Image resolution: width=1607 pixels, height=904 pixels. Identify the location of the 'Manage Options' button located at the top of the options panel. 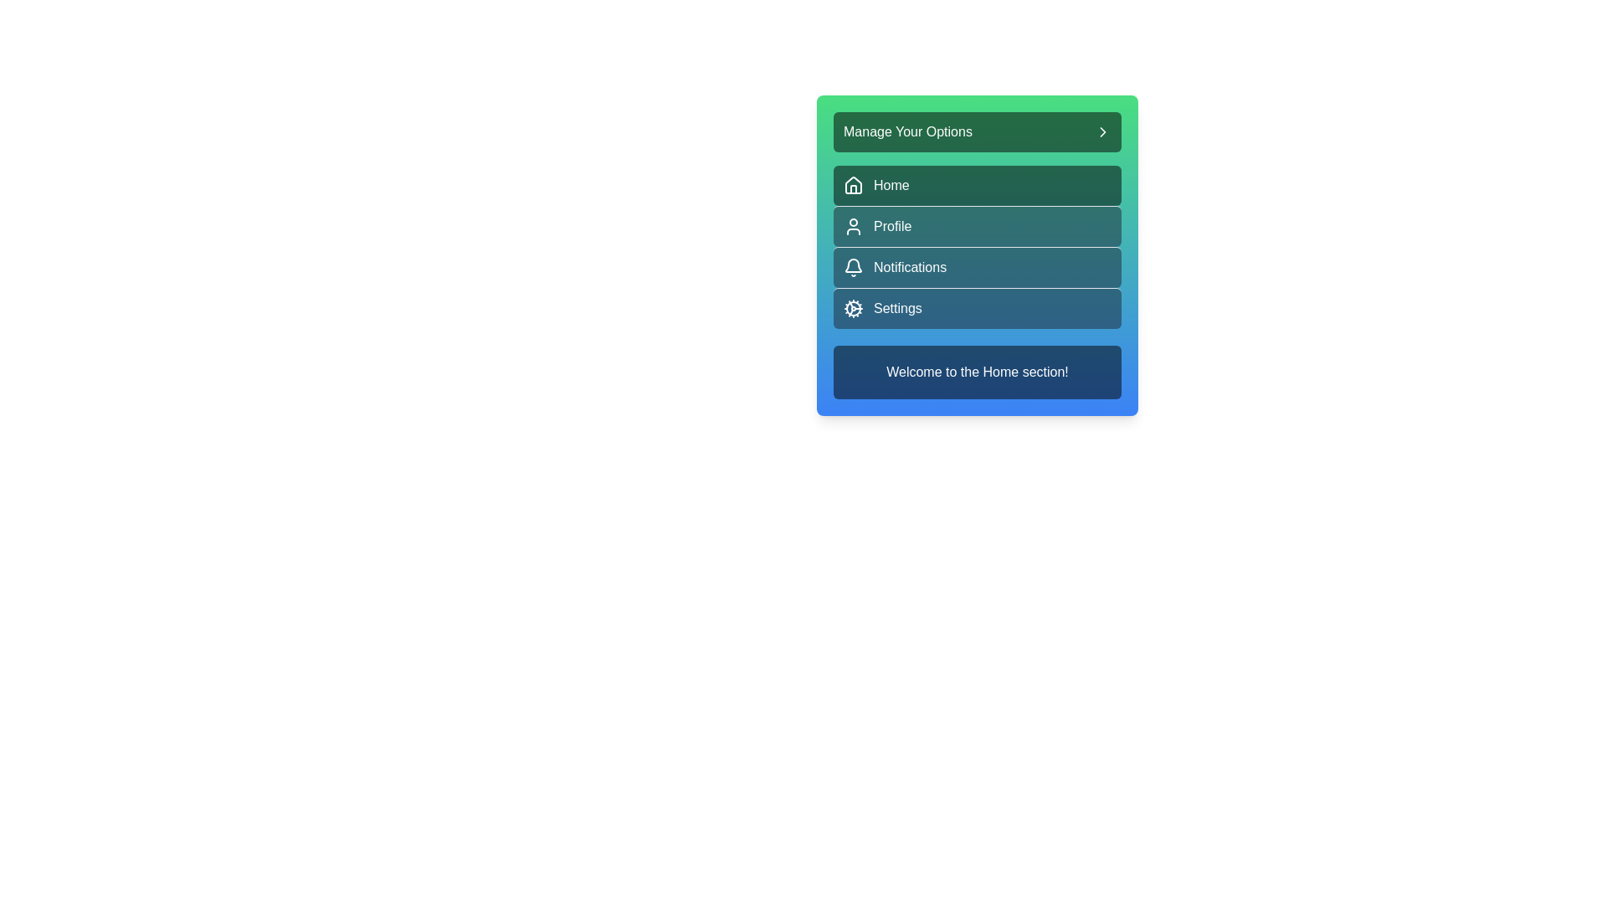
(977, 131).